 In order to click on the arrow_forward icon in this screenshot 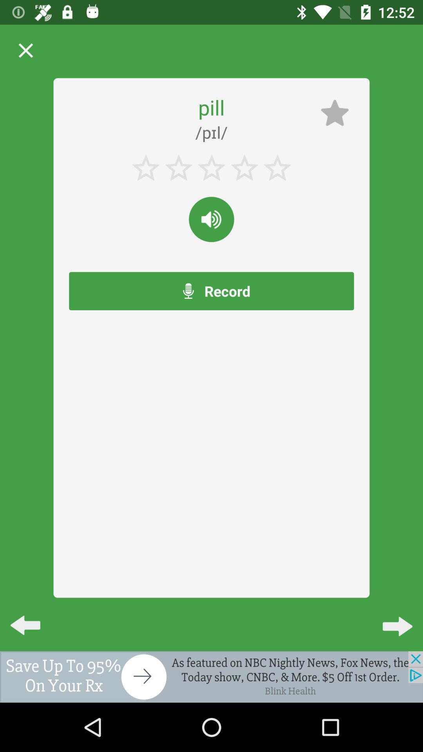, I will do `click(391, 618)`.